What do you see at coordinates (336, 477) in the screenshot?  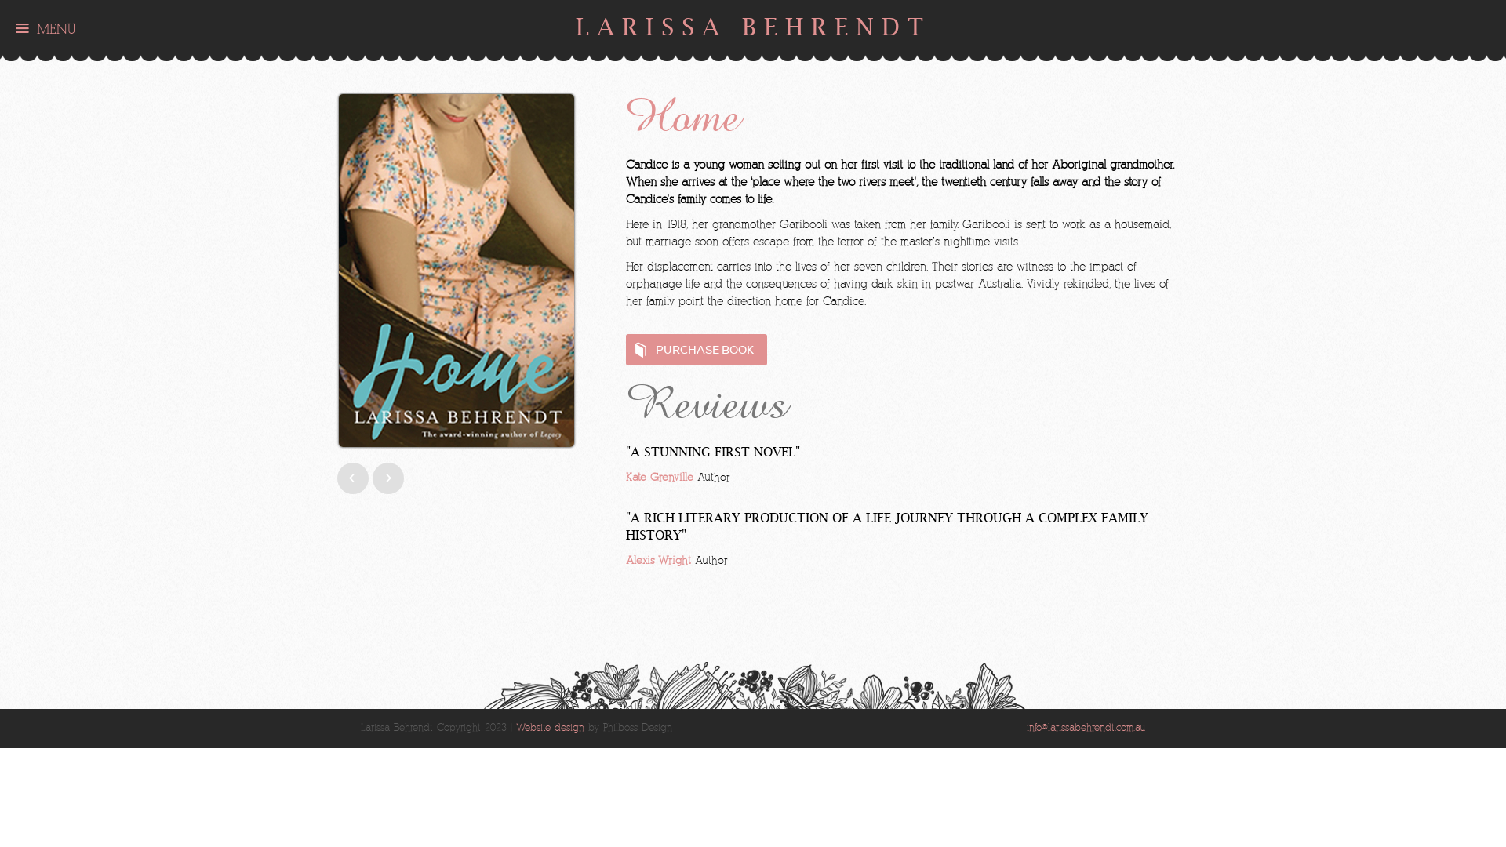 I see `'Next Post'` at bounding box center [336, 477].